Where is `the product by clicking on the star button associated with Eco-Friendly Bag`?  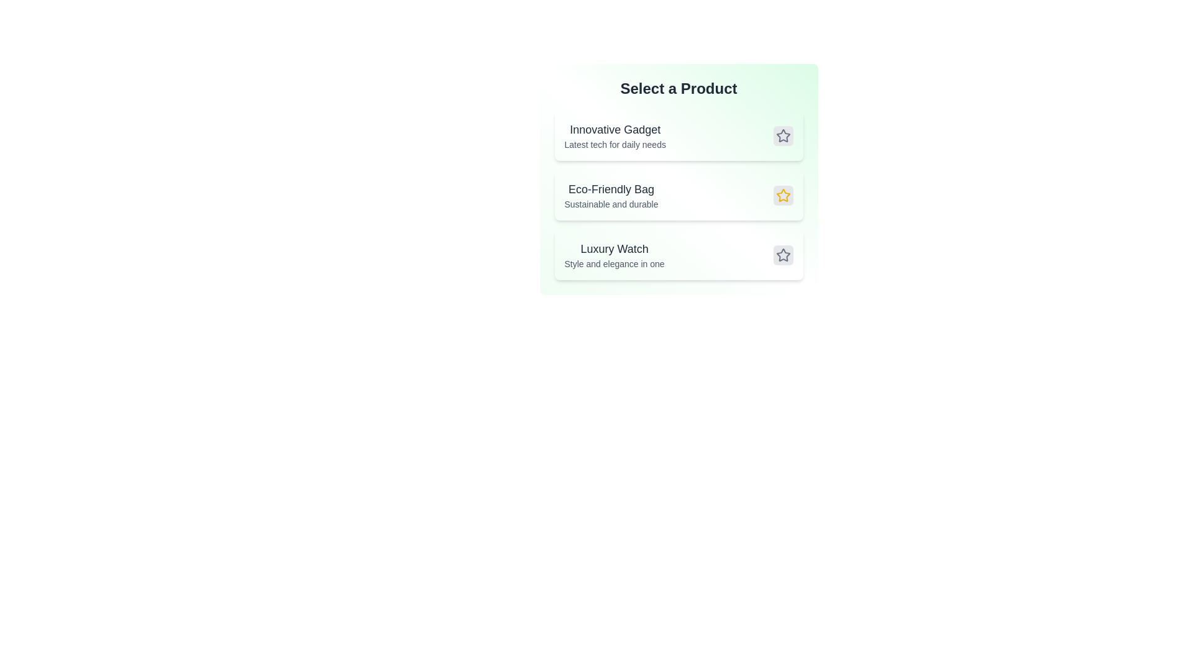 the product by clicking on the star button associated with Eco-Friendly Bag is located at coordinates (782, 196).